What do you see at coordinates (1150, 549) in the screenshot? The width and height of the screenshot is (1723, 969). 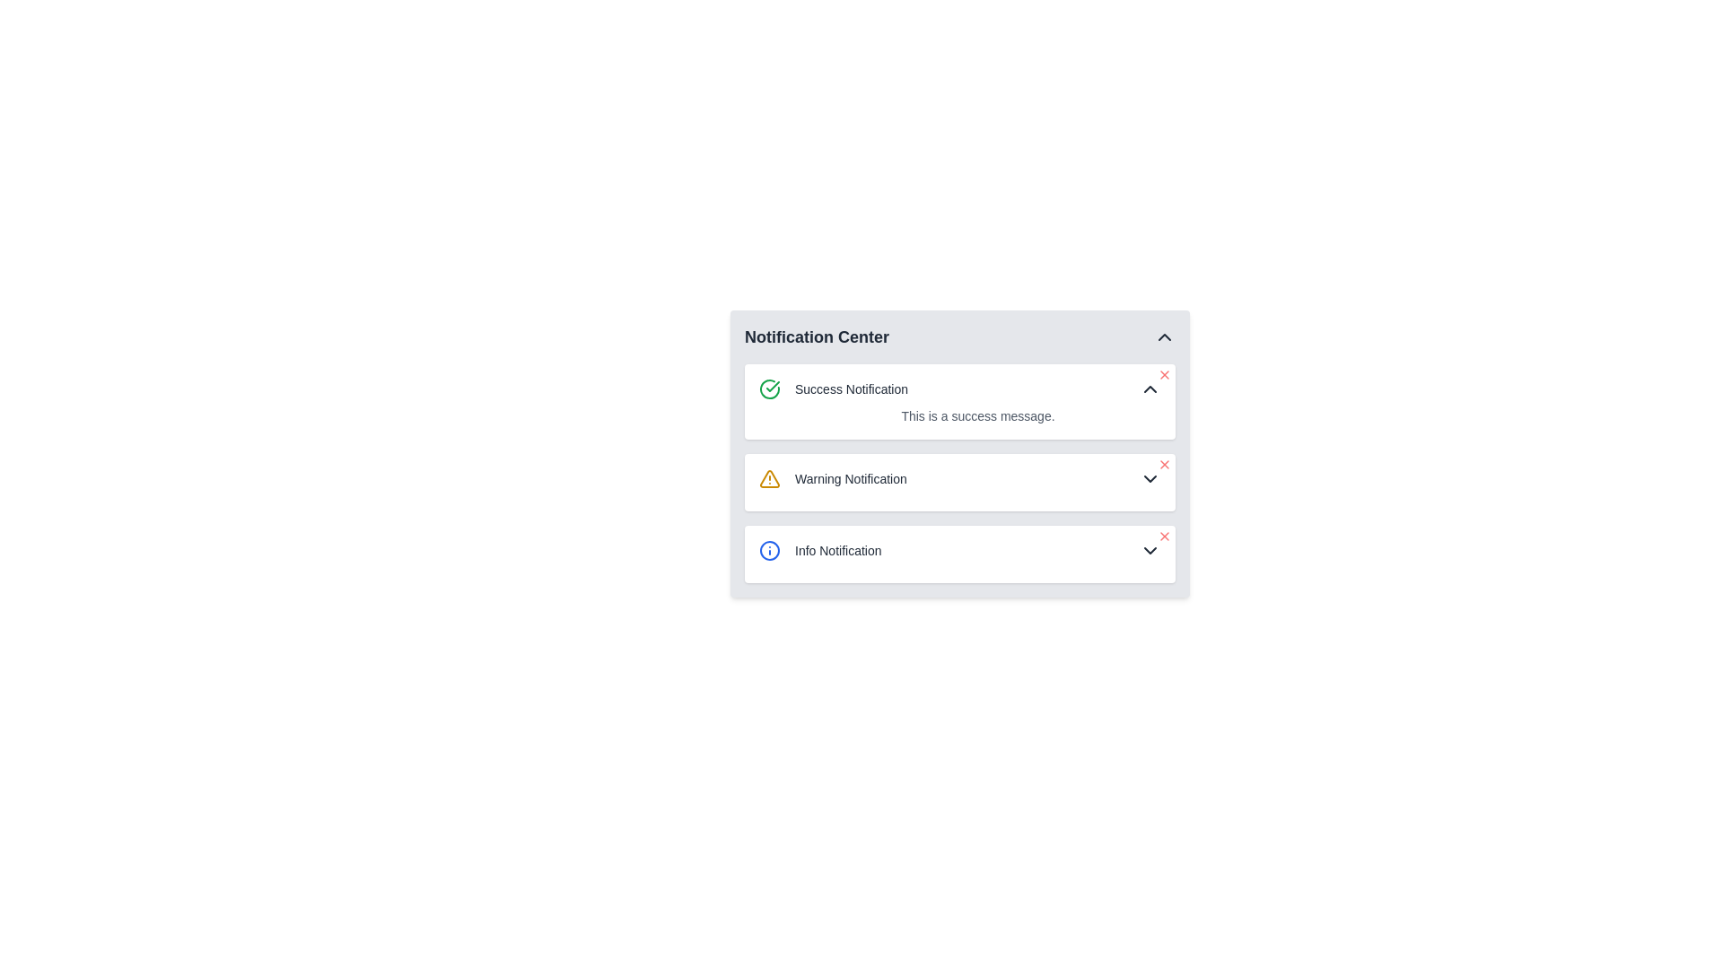 I see `the downward-facing chevron icon, which is styled with a stroke of 'currentColor' and signifies a dropdown or expandable menu` at bounding box center [1150, 549].